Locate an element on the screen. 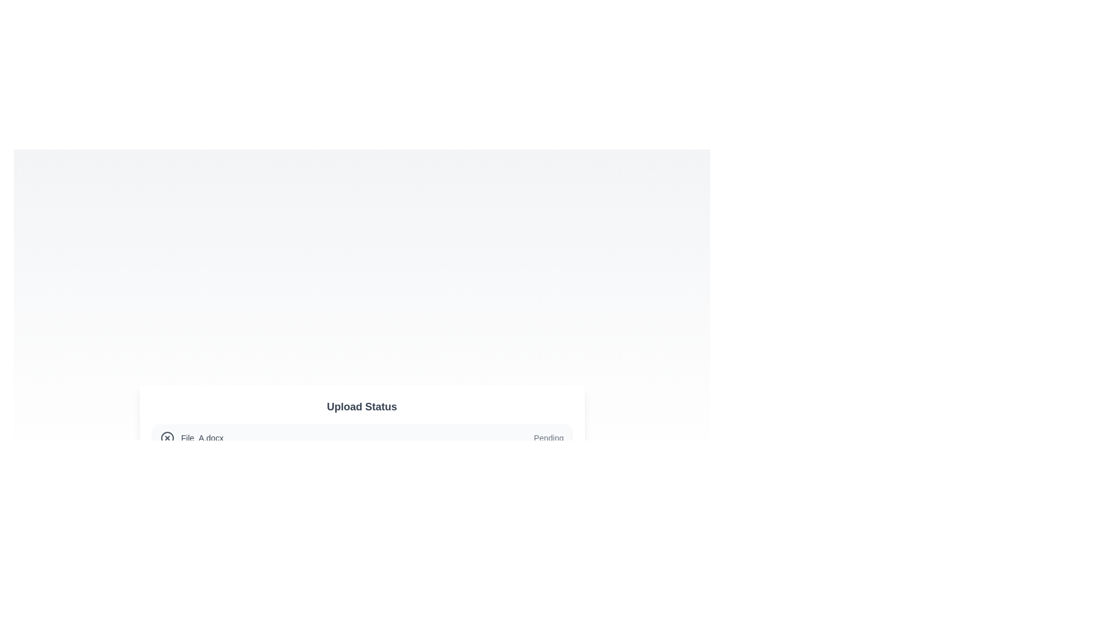 The image size is (1113, 626). the animation of the status indicator icon located to the left of the 'File_C.mp3' text element is located at coordinates (166, 511).